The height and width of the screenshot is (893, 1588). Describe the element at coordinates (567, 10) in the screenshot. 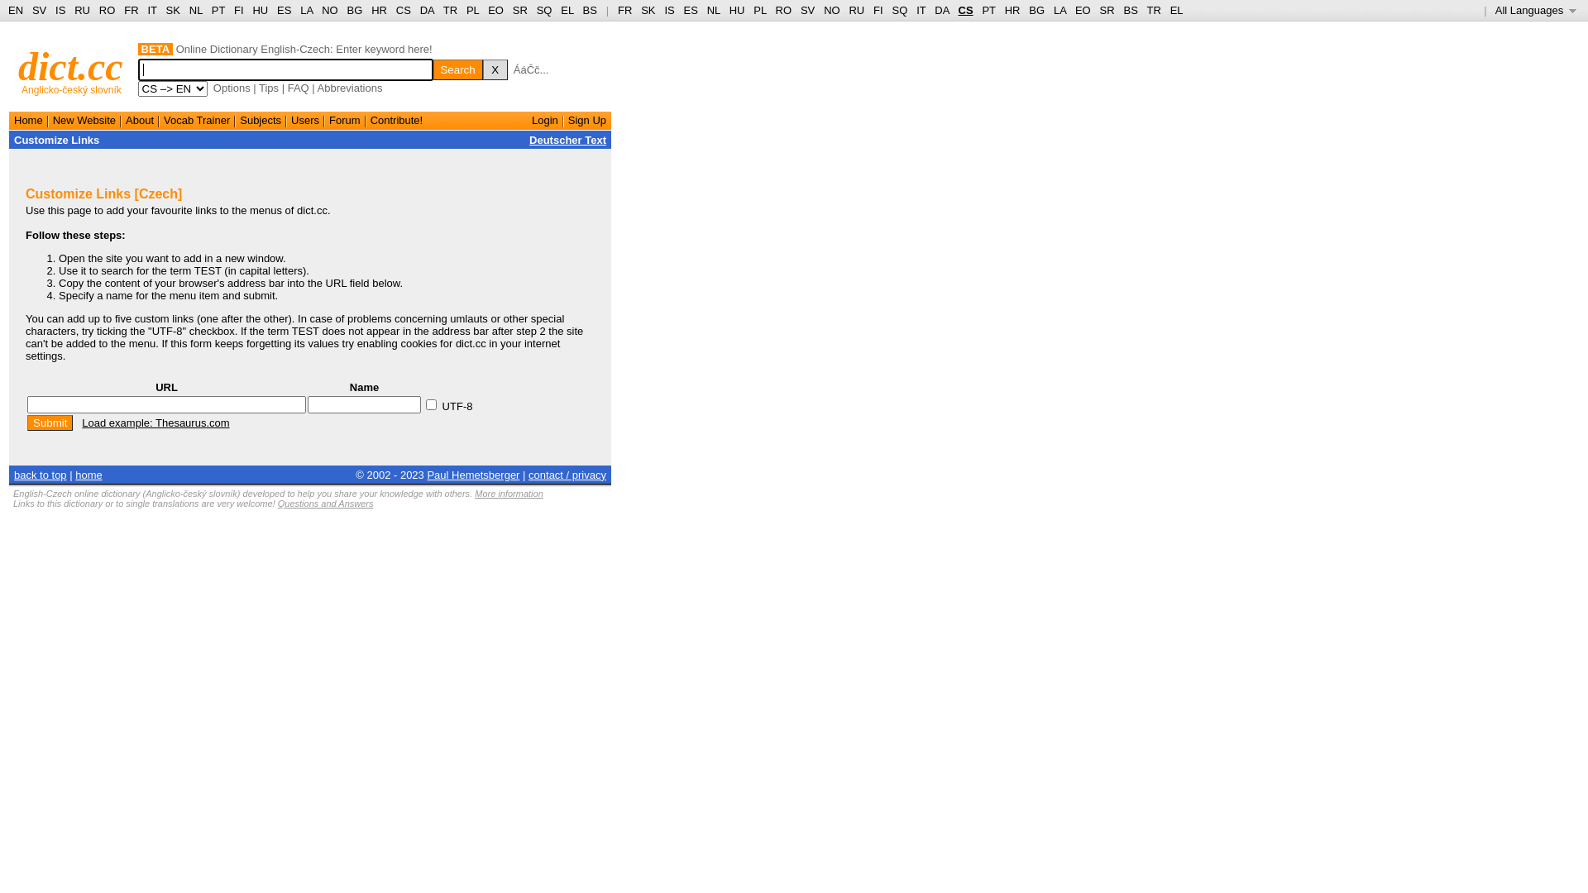

I see `'EL'` at that location.